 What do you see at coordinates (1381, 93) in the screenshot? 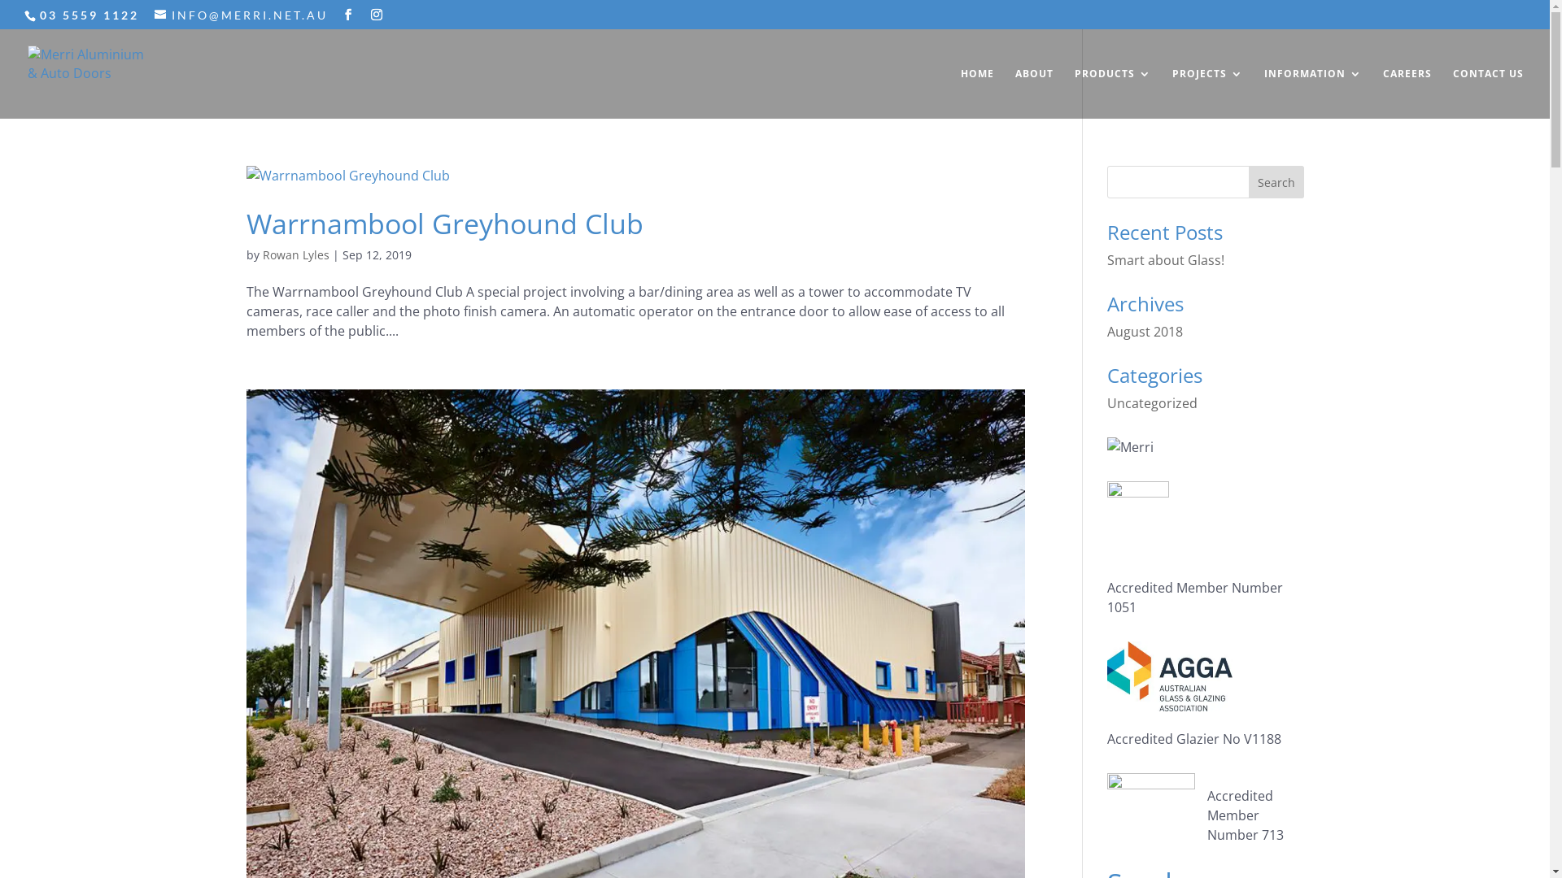
I see `'CAREERS'` at bounding box center [1381, 93].